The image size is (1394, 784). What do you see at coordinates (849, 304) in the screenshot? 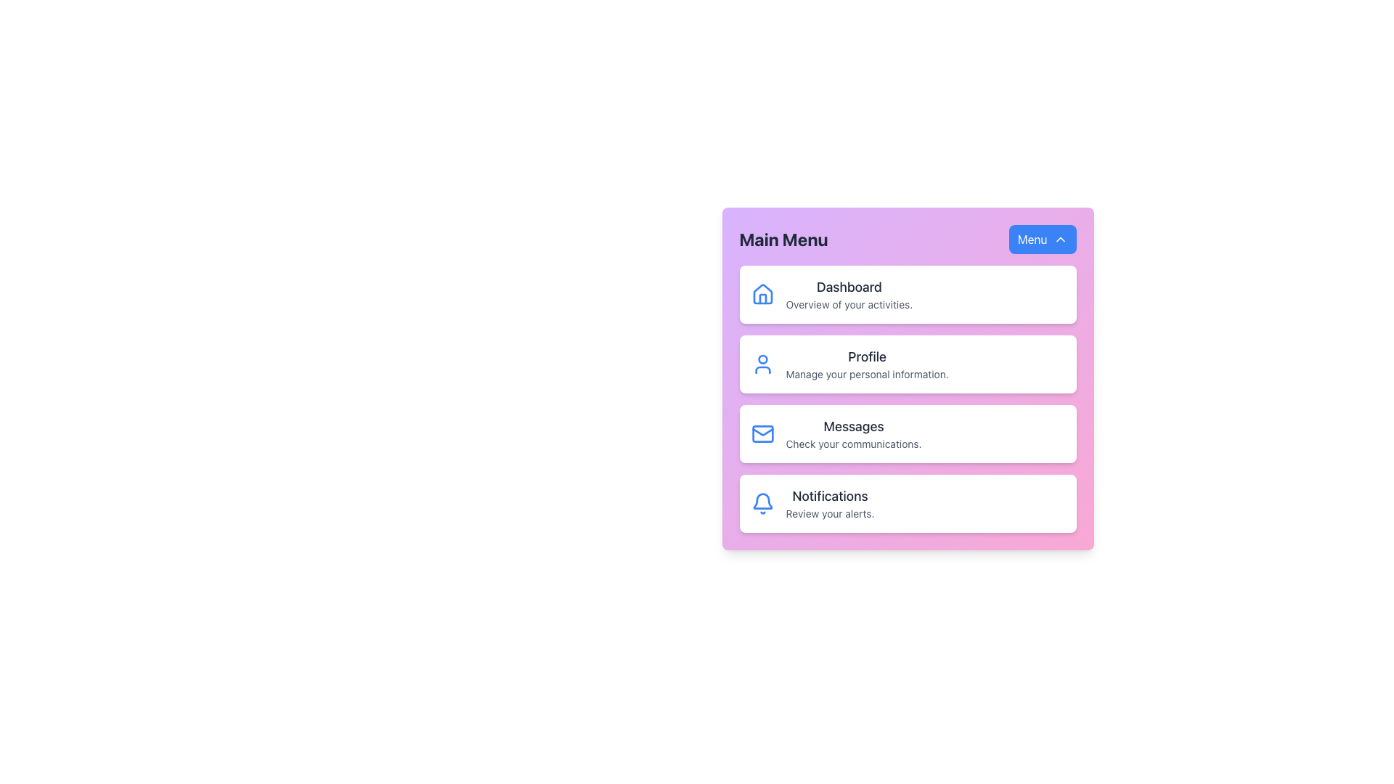
I see `the informational text located directly below the 'Dashboard' heading in the topmost menu item of the vertically stacked menu list` at bounding box center [849, 304].